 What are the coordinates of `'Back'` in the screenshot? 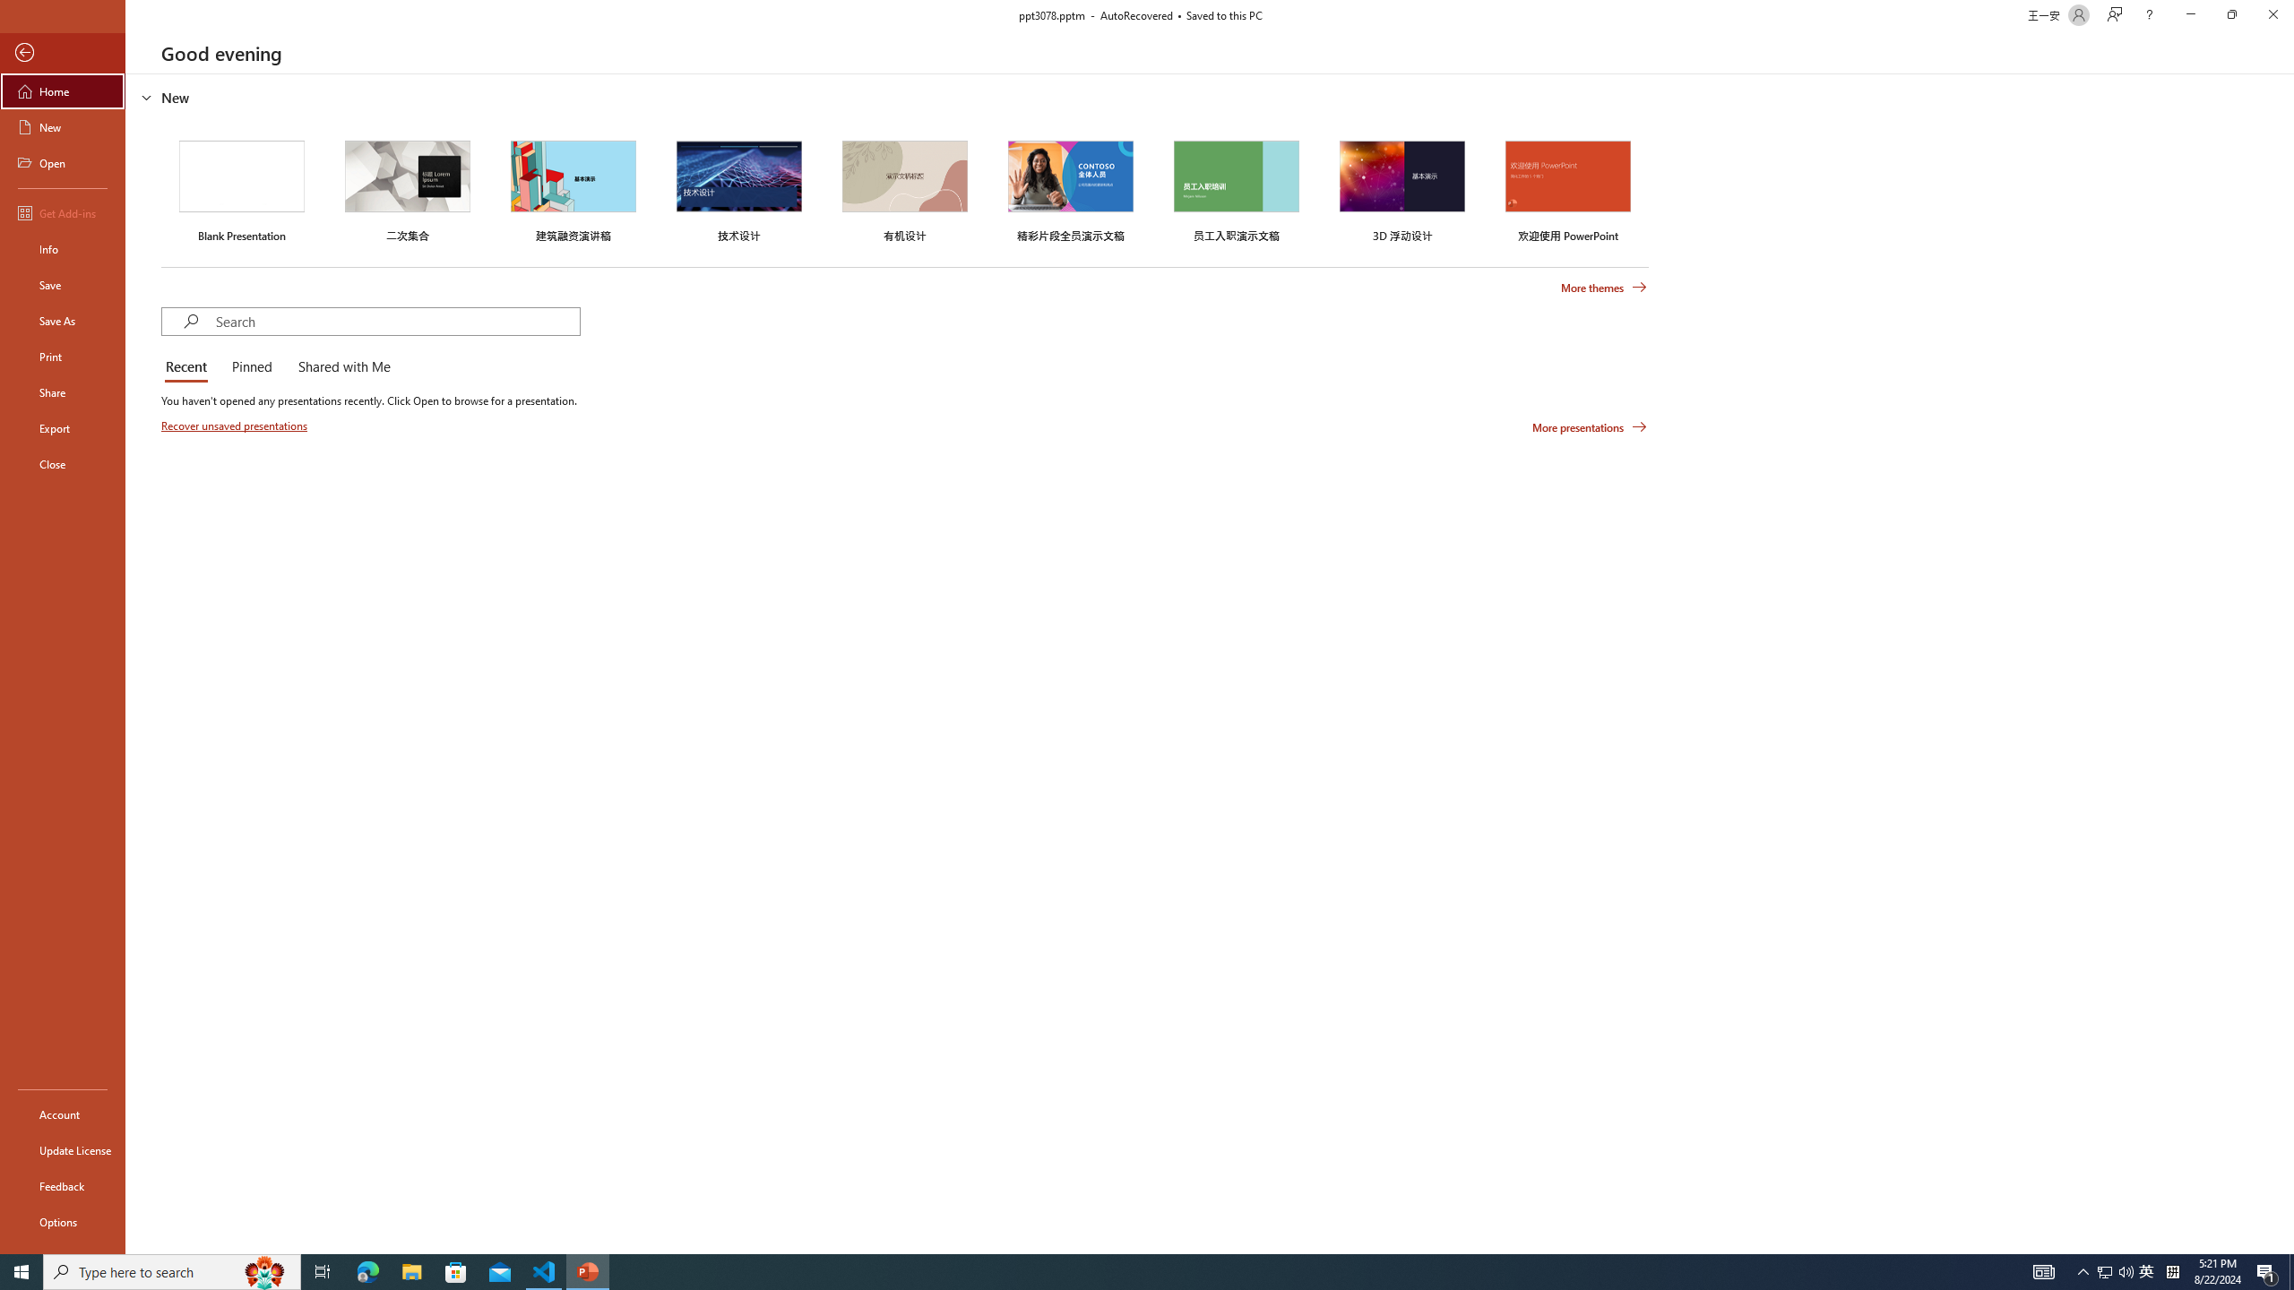 It's located at (62, 52).